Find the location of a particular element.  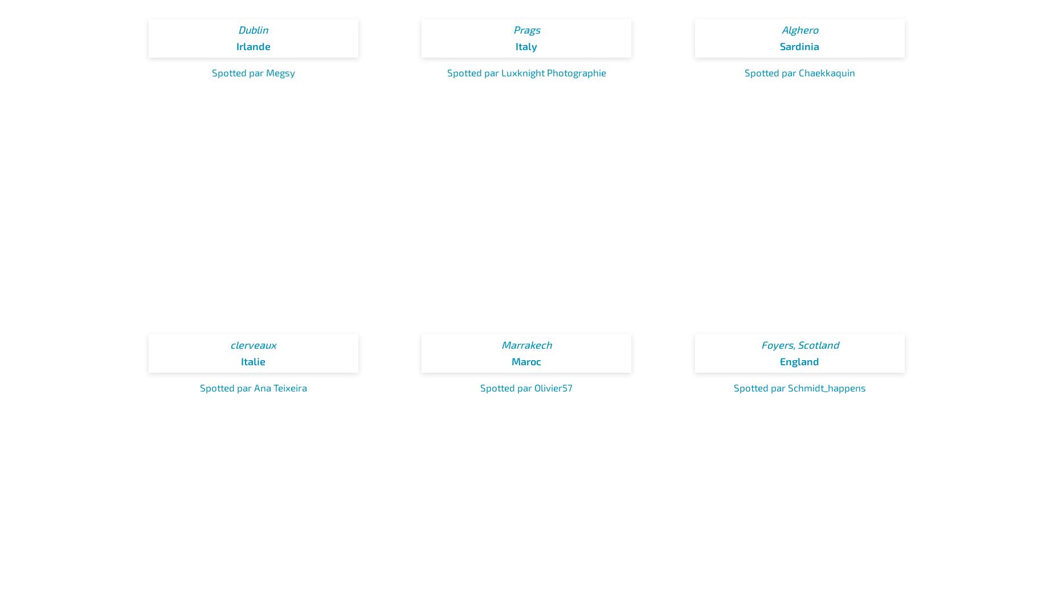

'Marrakech' is located at coordinates (526, 344).